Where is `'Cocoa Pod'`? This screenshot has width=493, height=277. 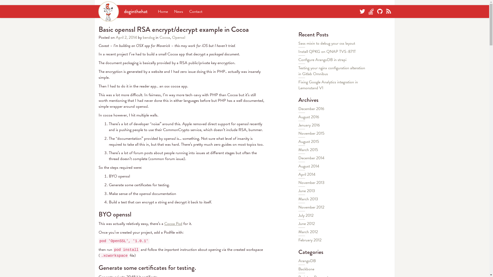
'Cocoa Pod' is located at coordinates (173, 223).